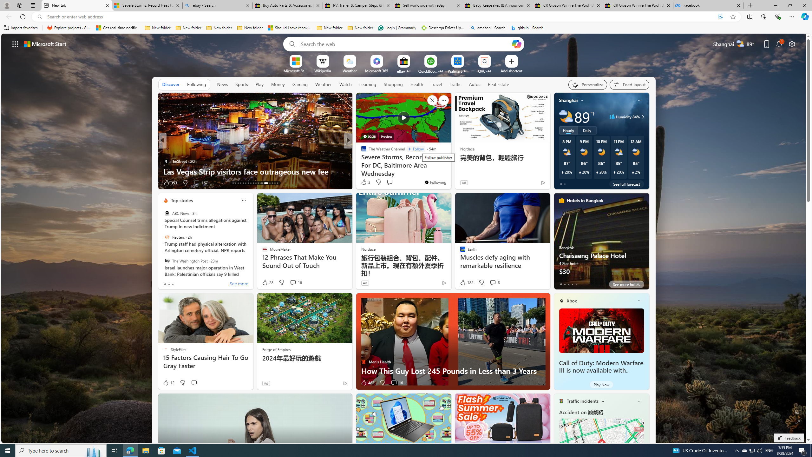 Image resolution: width=812 pixels, height=457 pixels. What do you see at coordinates (274, 183) in the screenshot?
I see `'AutomationID: tab-28'` at bounding box center [274, 183].